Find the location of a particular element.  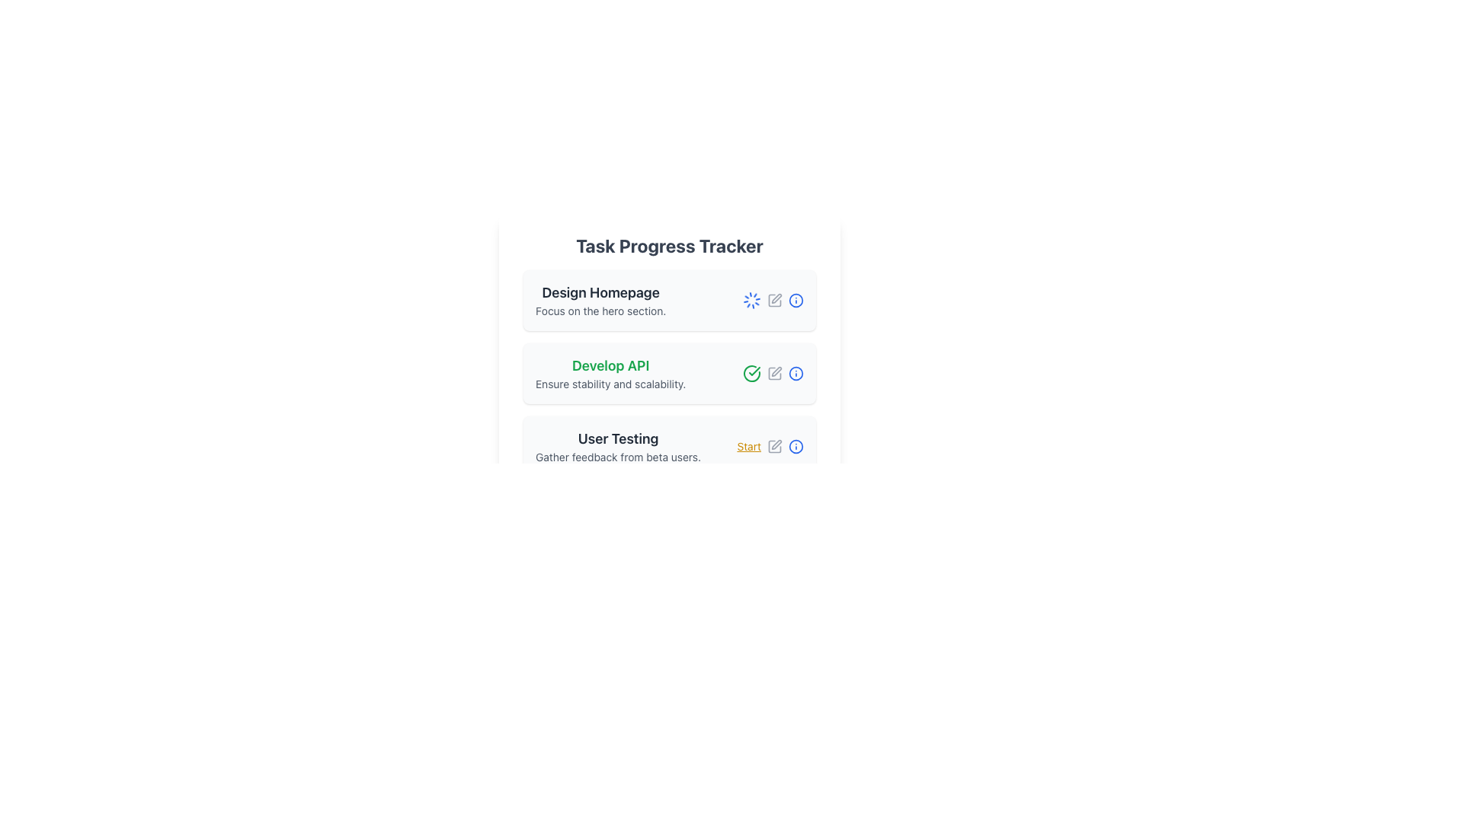

the green outlined circle icon with a checkmark indicating task completion next to the 'Develop API' task in the progress tracker is located at coordinates (752, 373).